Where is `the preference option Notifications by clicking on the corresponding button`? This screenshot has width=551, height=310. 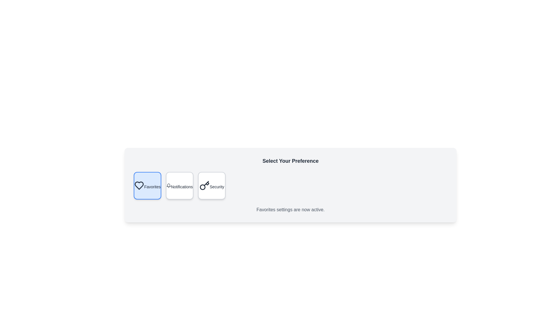 the preference option Notifications by clicking on the corresponding button is located at coordinates (179, 186).